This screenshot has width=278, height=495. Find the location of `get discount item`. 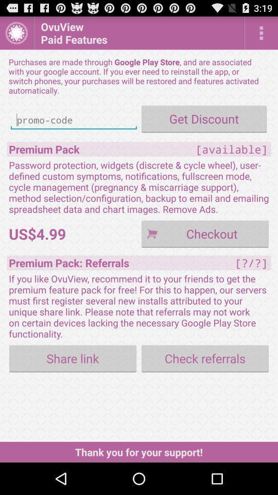

get discount item is located at coordinates (204, 119).